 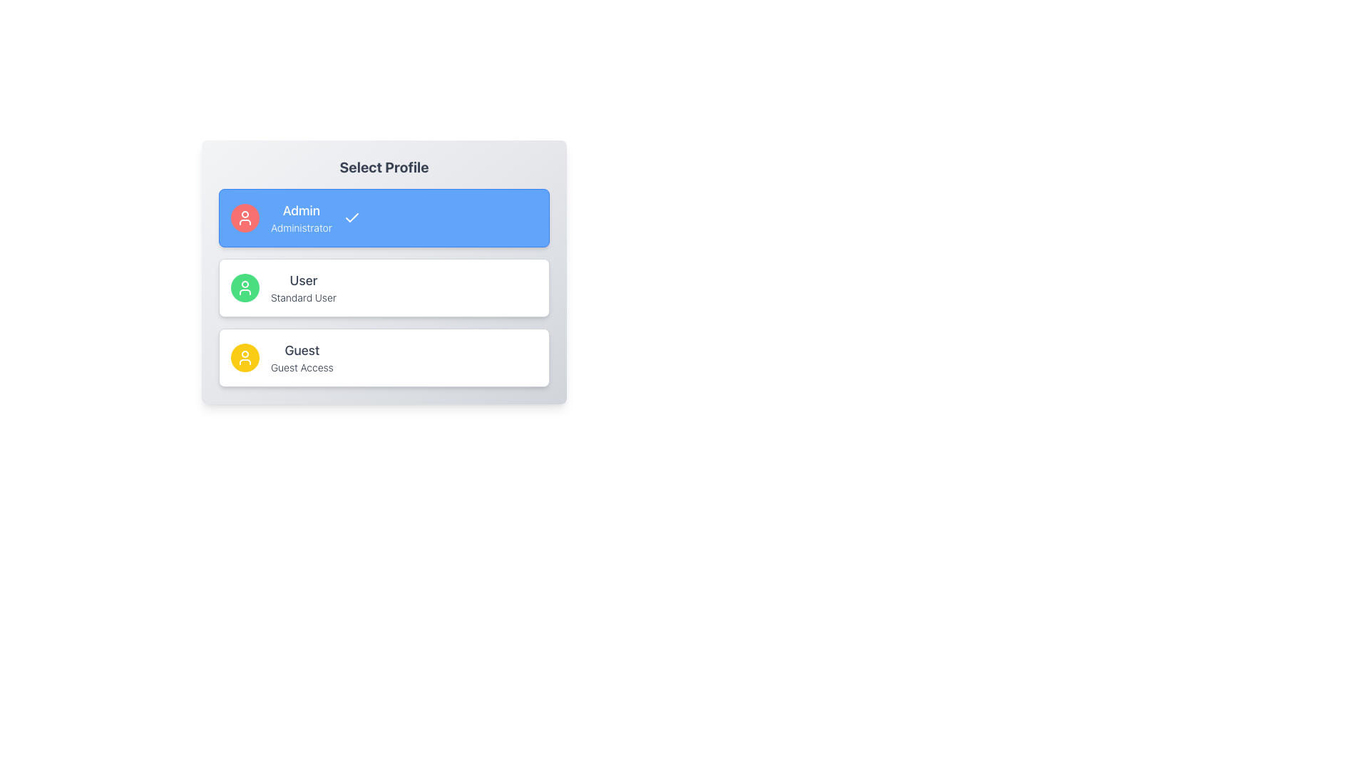 I want to click on the circular icon with a yellow background, so click(x=245, y=356).